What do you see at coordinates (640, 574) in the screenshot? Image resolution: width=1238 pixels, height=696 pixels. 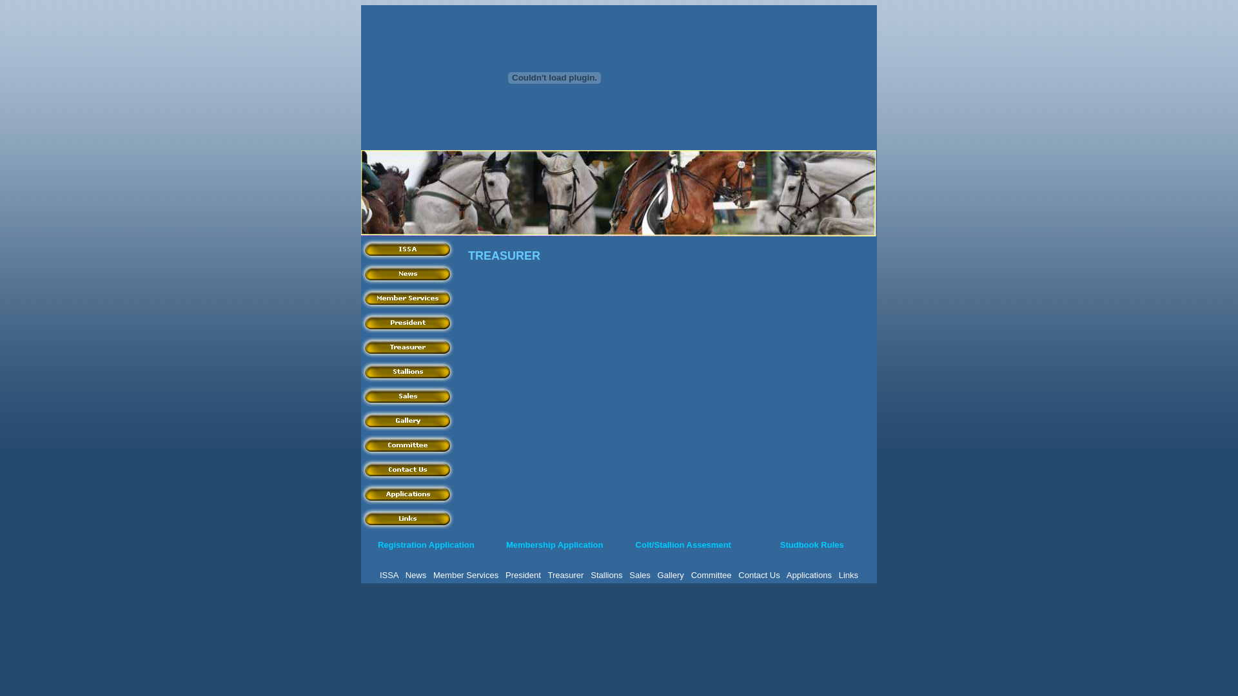 I see `'Sales'` at bounding box center [640, 574].